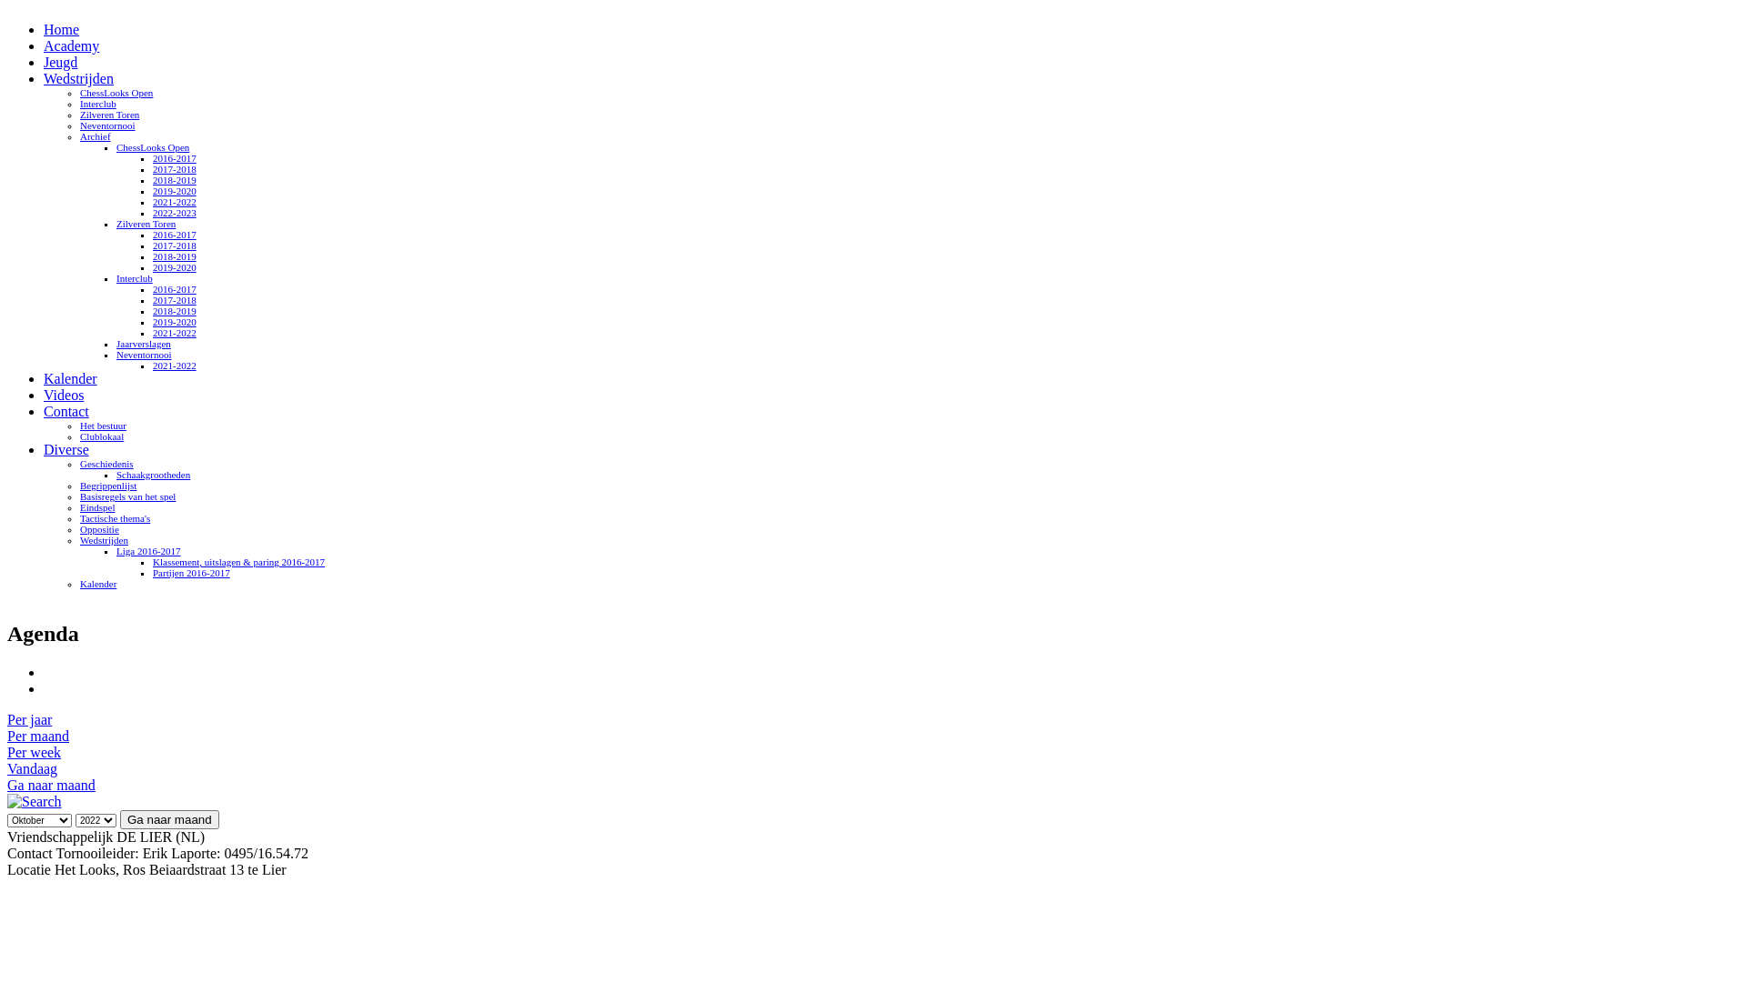 The height and width of the screenshot is (982, 1747). Describe the element at coordinates (60, 61) in the screenshot. I see `'Jeugd'` at that location.